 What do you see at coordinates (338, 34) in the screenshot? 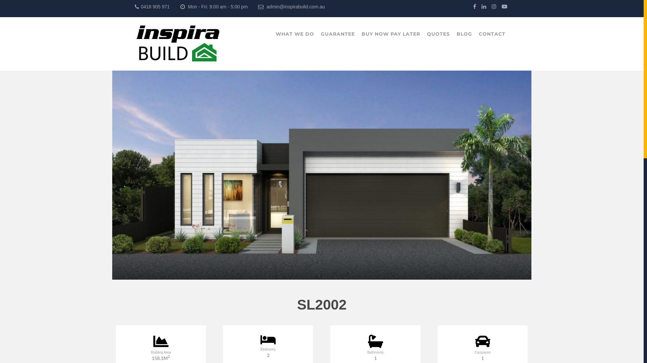
I see `'GUARANTEE'` at bounding box center [338, 34].